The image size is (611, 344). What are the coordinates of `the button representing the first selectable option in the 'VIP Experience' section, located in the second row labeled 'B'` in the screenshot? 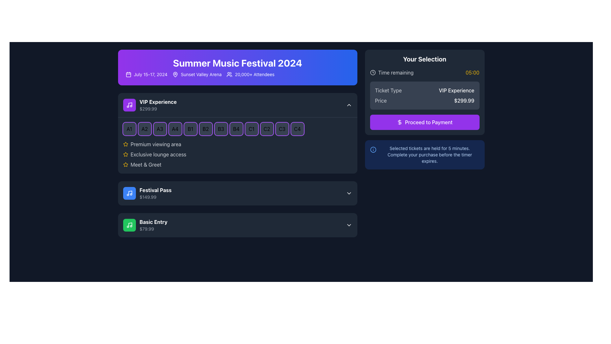 It's located at (190, 129).